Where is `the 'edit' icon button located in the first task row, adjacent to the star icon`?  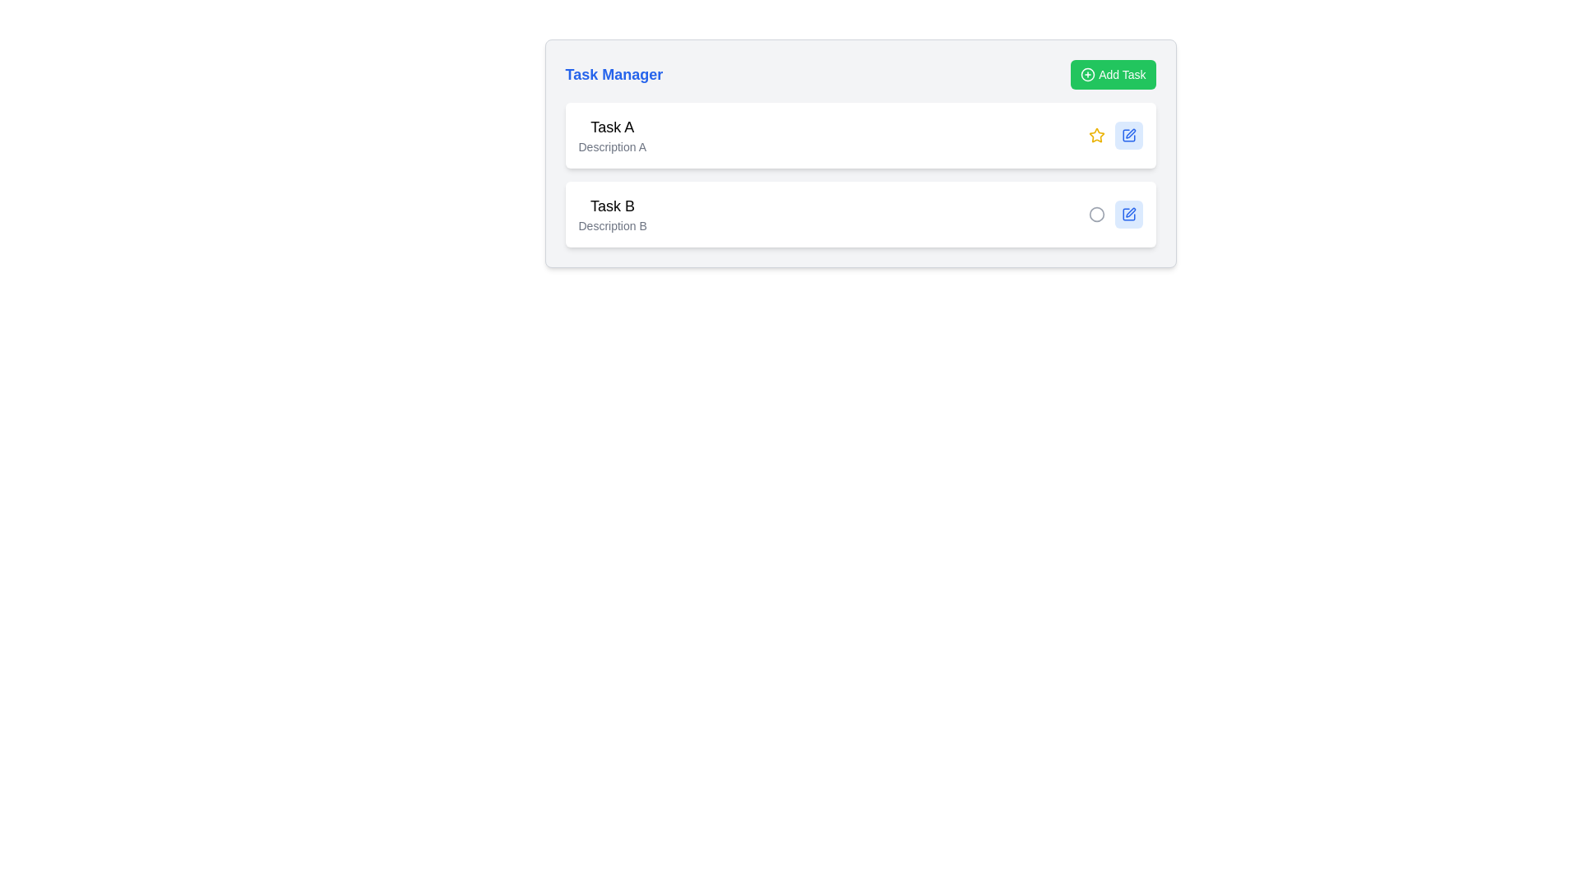
the 'edit' icon button located in the first task row, adjacent to the star icon is located at coordinates (1128, 214).